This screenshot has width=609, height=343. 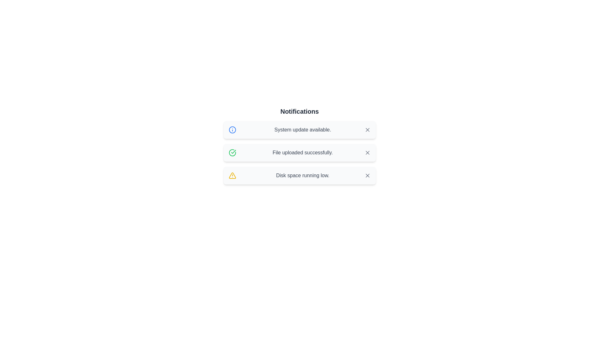 What do you see at coordinates (232, 175) in the screenshot?
I see `the alert icon shaped as a triangle with rounded edges, featuring a yellow outline and warning symbol, located to the left of the 'Disk space running low.' text in the third notification item` at bounding box center [232, 175].